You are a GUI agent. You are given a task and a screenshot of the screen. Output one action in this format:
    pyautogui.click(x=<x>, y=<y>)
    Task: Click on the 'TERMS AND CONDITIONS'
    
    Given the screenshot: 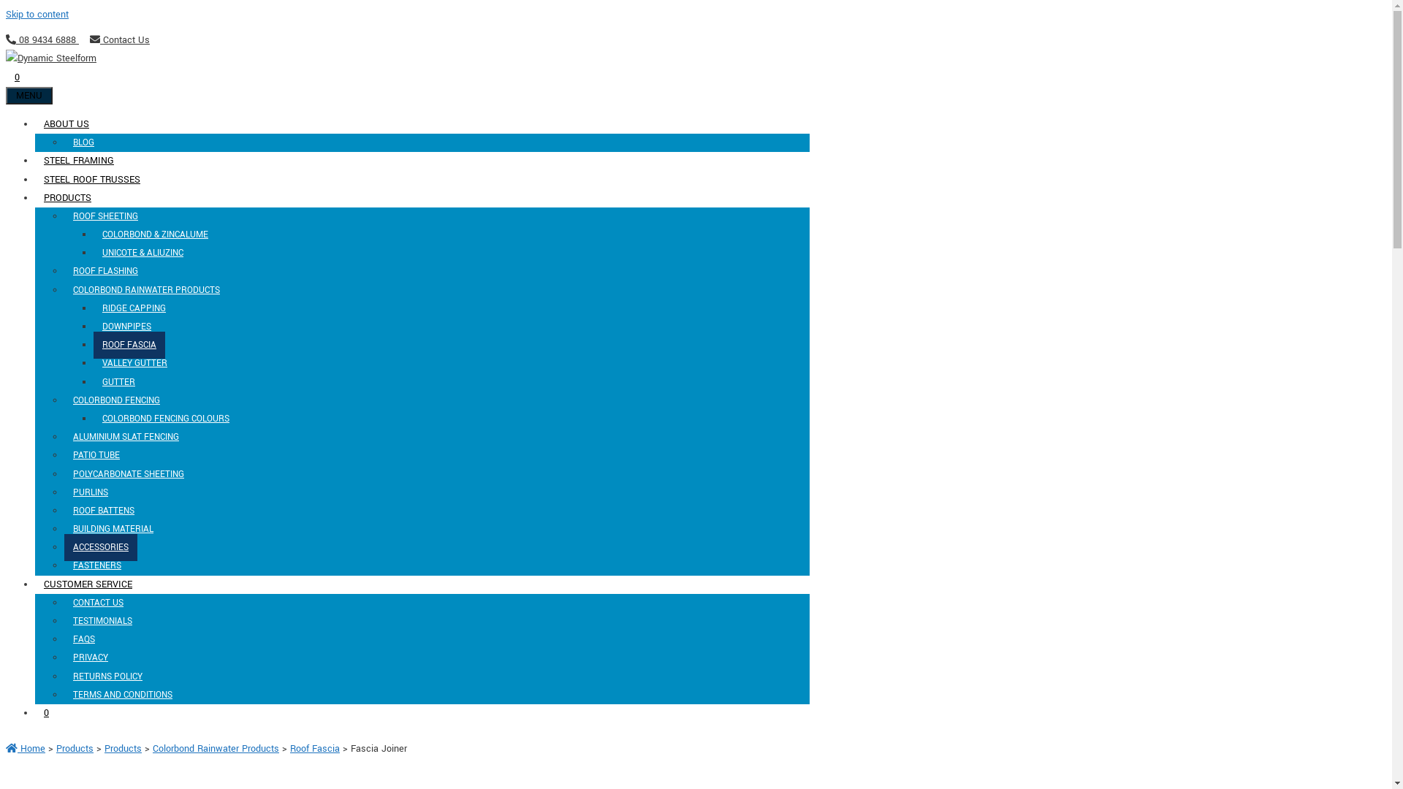 What is the action you would take?
    pyautogui.click(x=123, y=694)
    